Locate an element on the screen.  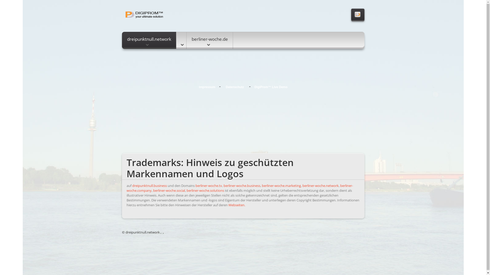
'dreipunktnull.network' is located at coordinates (149, 40).